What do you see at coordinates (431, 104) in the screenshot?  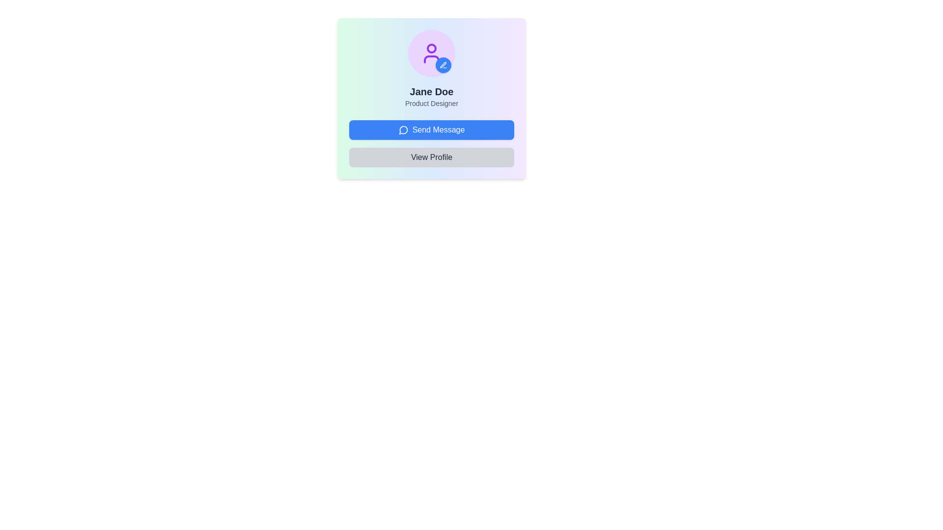 I see `the descriptive professional title text element located below 'Jane Doe' within the card layout` at bounding box center [431, 104].